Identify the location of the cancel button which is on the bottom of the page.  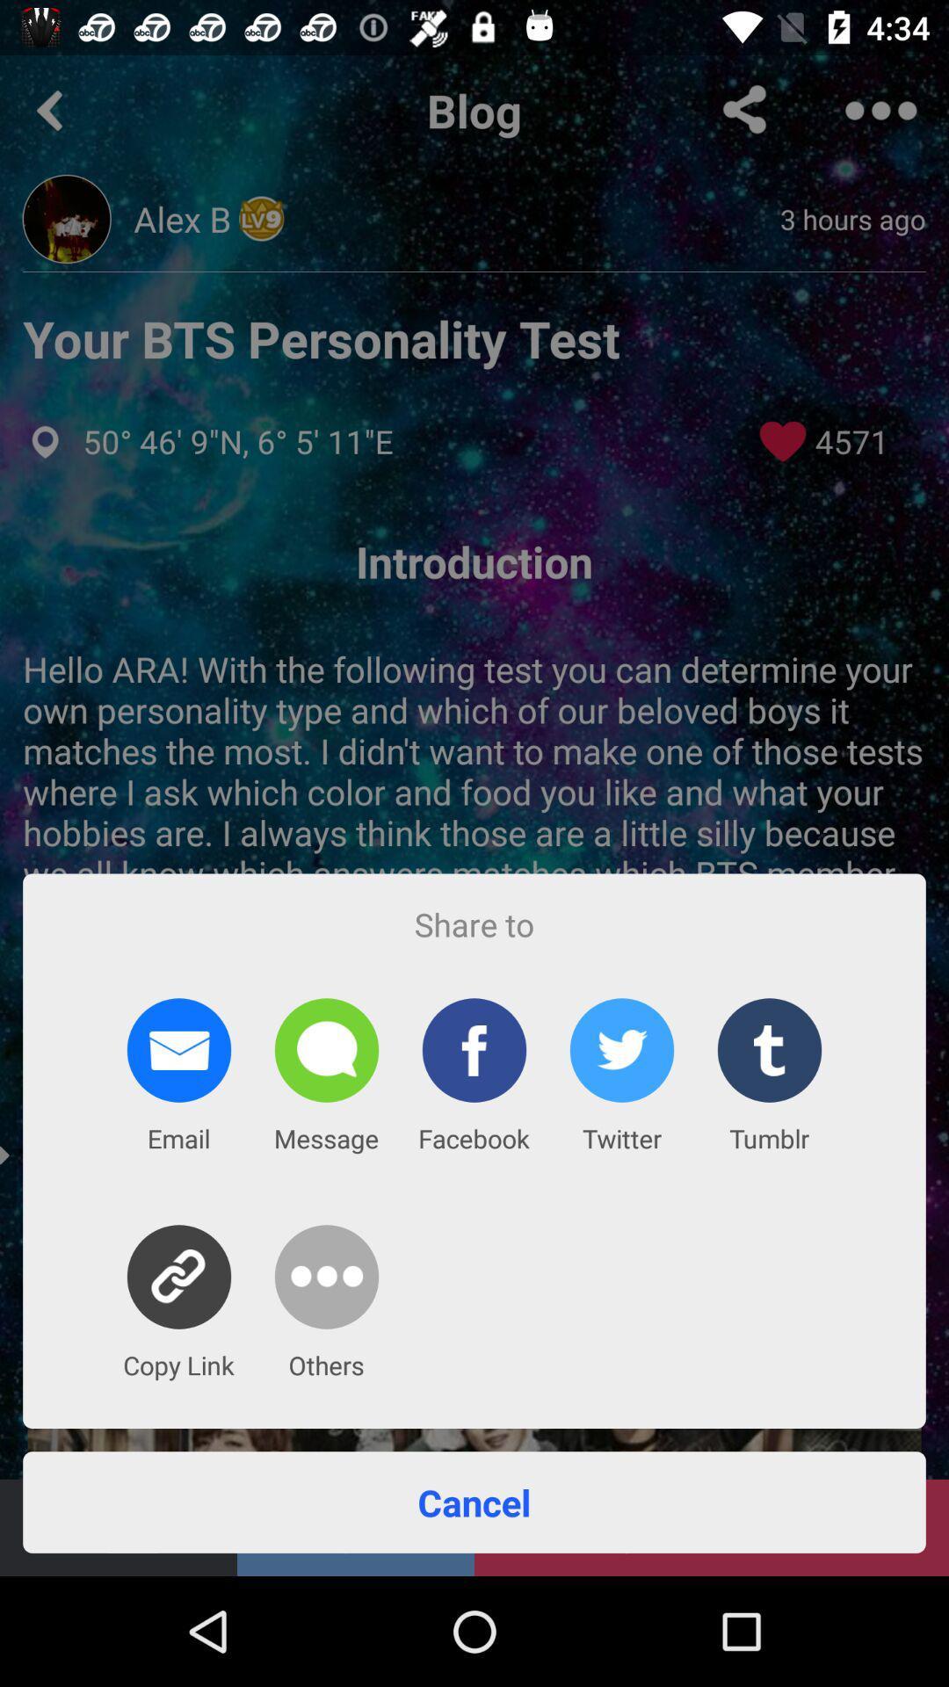
(474, 1501).